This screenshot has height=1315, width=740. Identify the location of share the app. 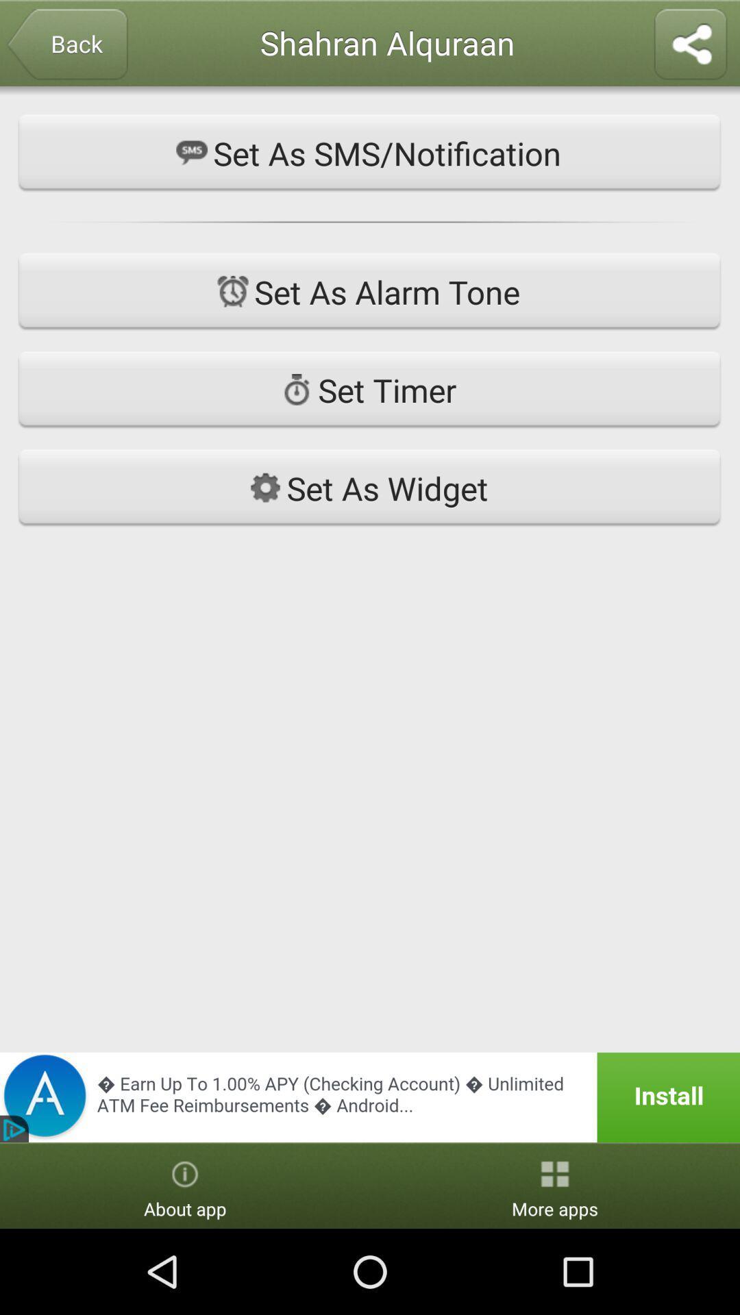
(690, 45).